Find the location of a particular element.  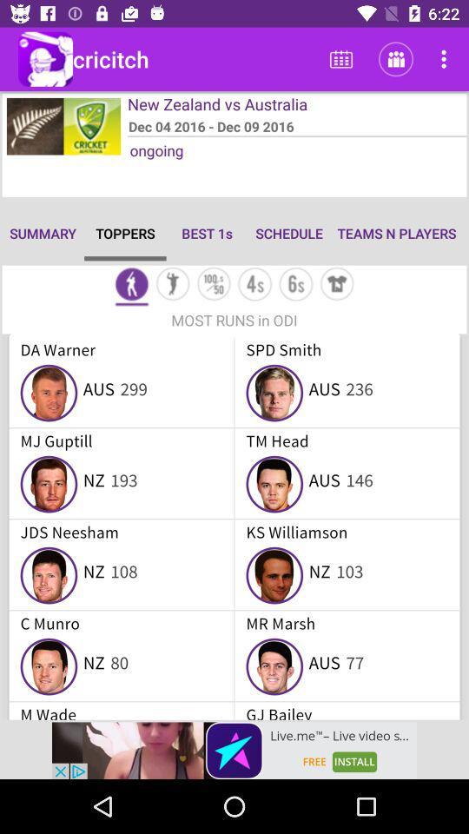

mode selection is located at coordinates (130, 286).